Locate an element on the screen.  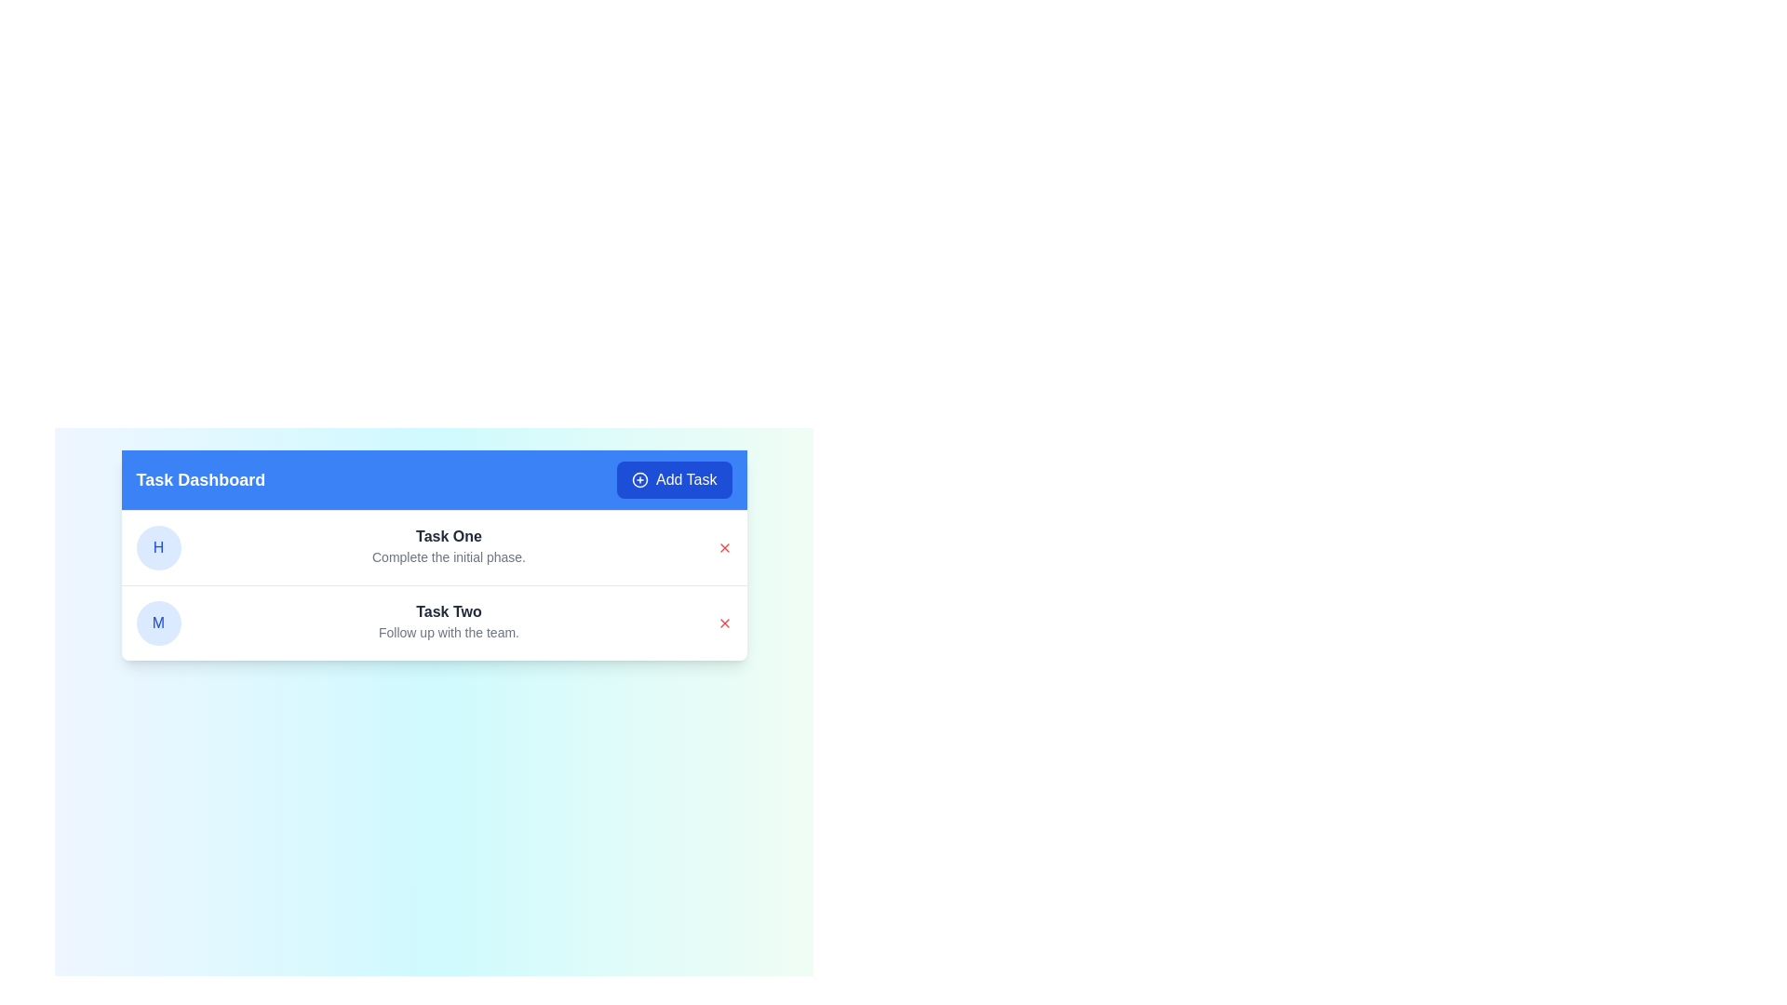
the delete button located on the right-hand side of the task representation for 'Task One', beneath 'Complete the initial phase', to change its appearance is located at coordinates (723, 547).